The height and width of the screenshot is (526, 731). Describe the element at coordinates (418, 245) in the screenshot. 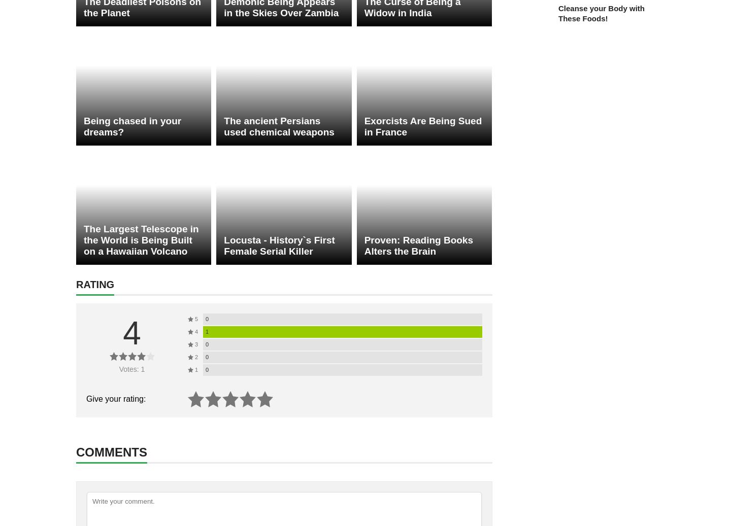

I see `'Proven: Reading Books Alters the Brain'` at that location.